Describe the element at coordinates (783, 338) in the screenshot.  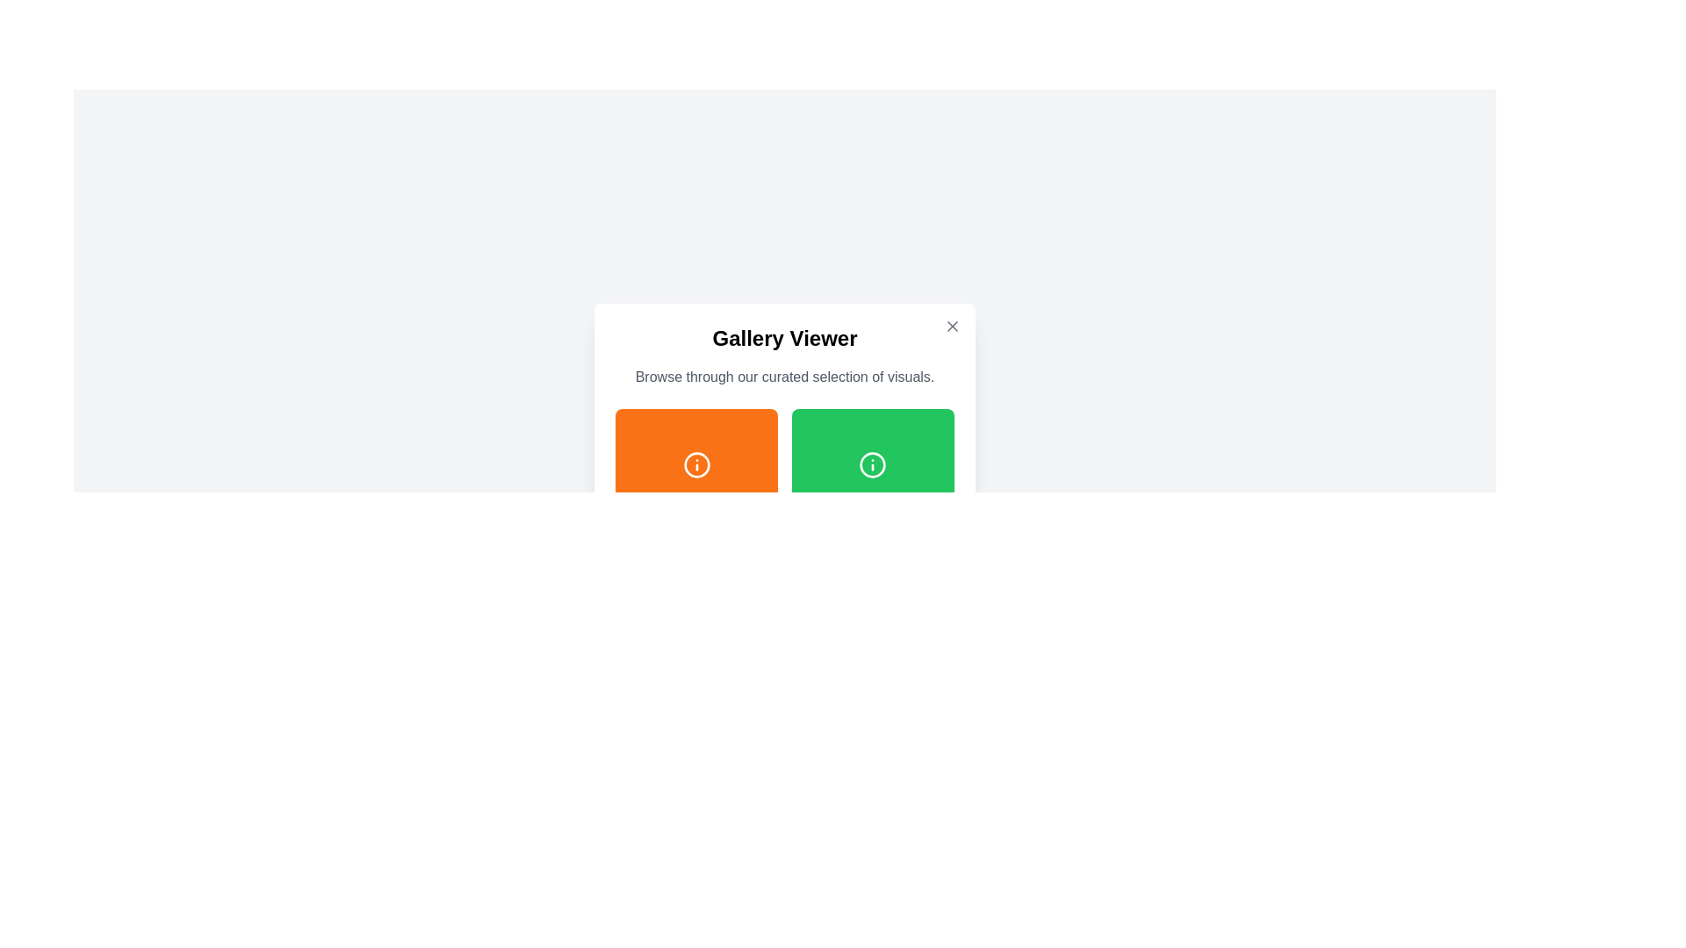
I see `the bold text component displaying 'Gallery Viewer' located at the center upper portion of the main content area` at that location.